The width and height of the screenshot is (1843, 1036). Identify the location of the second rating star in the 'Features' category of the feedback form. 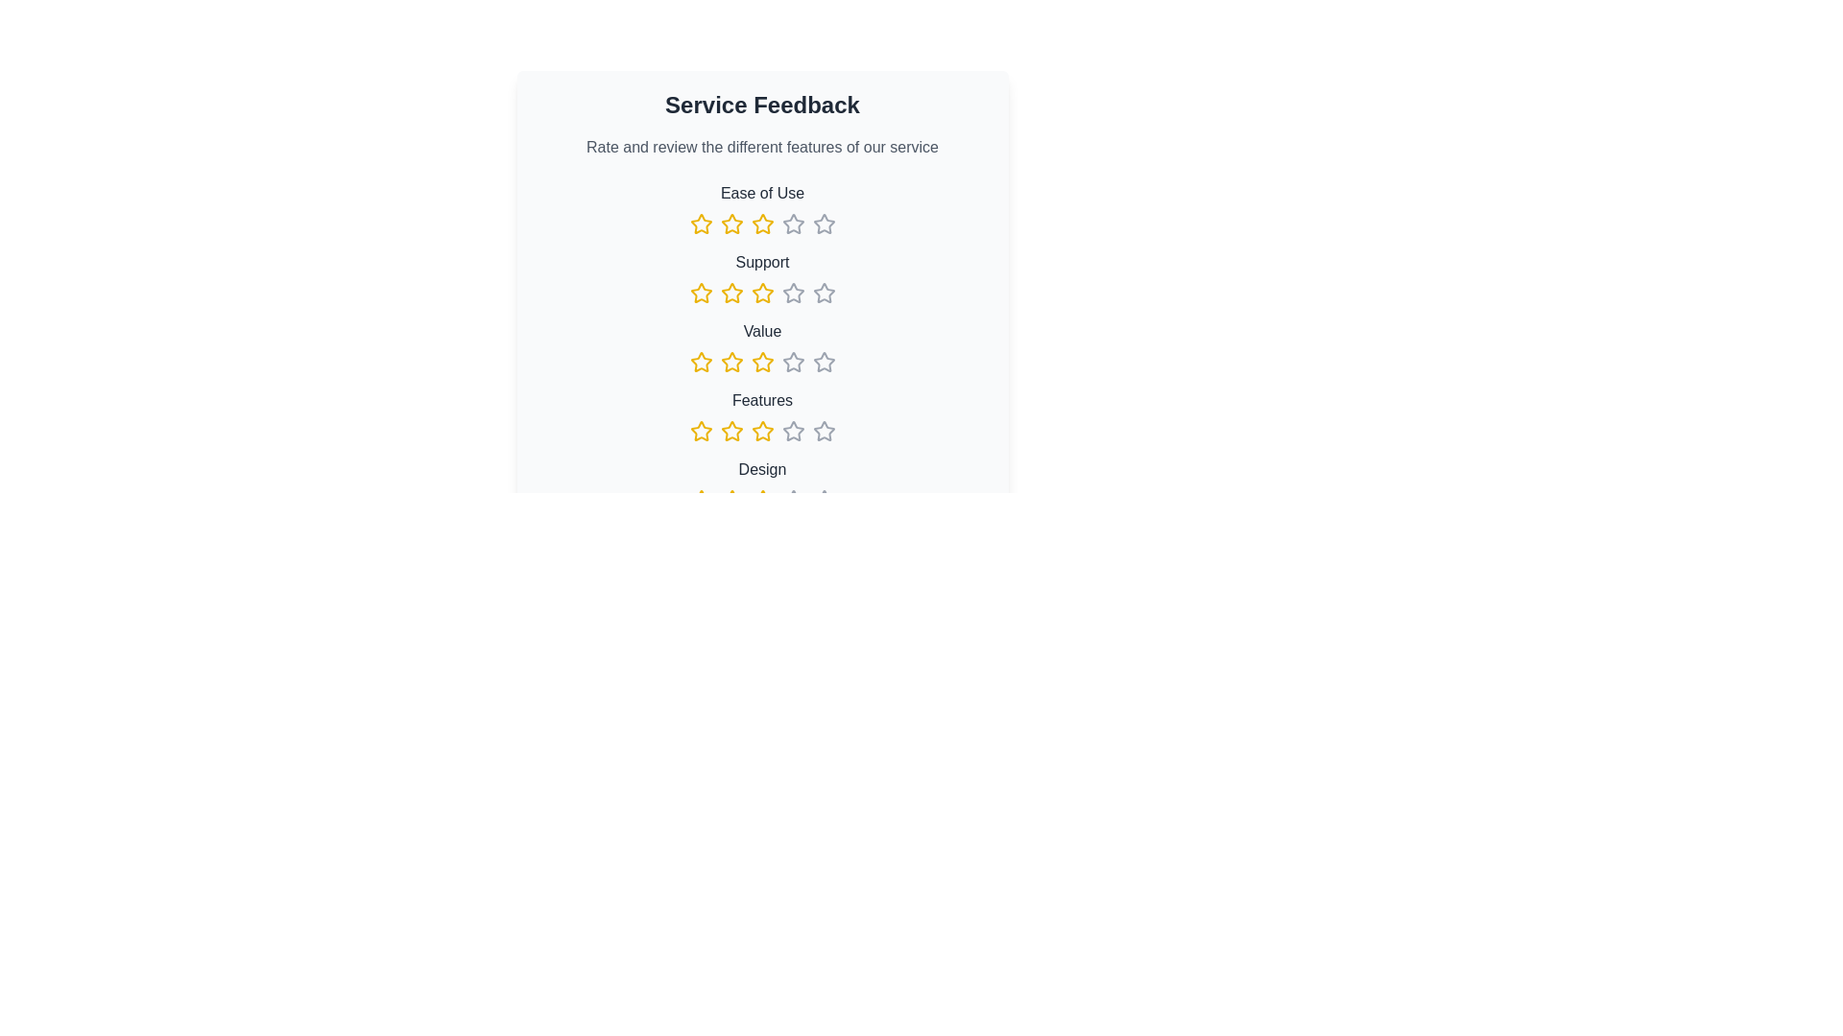
(730, 430).